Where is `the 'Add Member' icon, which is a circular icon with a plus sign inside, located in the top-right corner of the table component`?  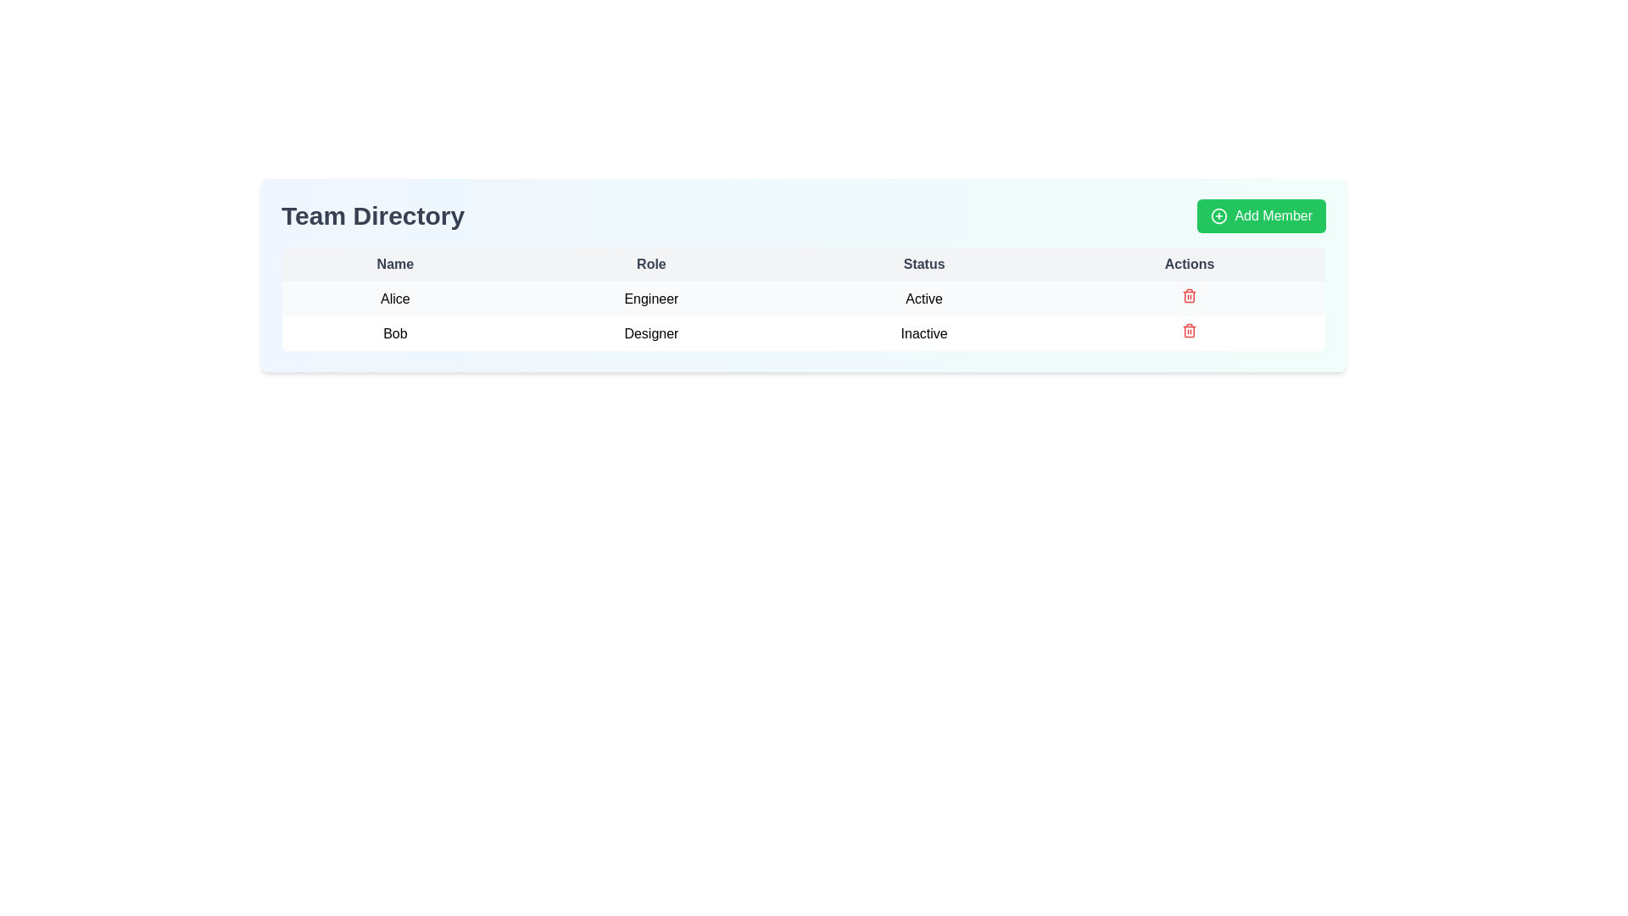 the 'Add Member' icon, which is a circular icon with a plus sign inside, located in the top-right corner of the table component is located at coordinates (1218, 215).